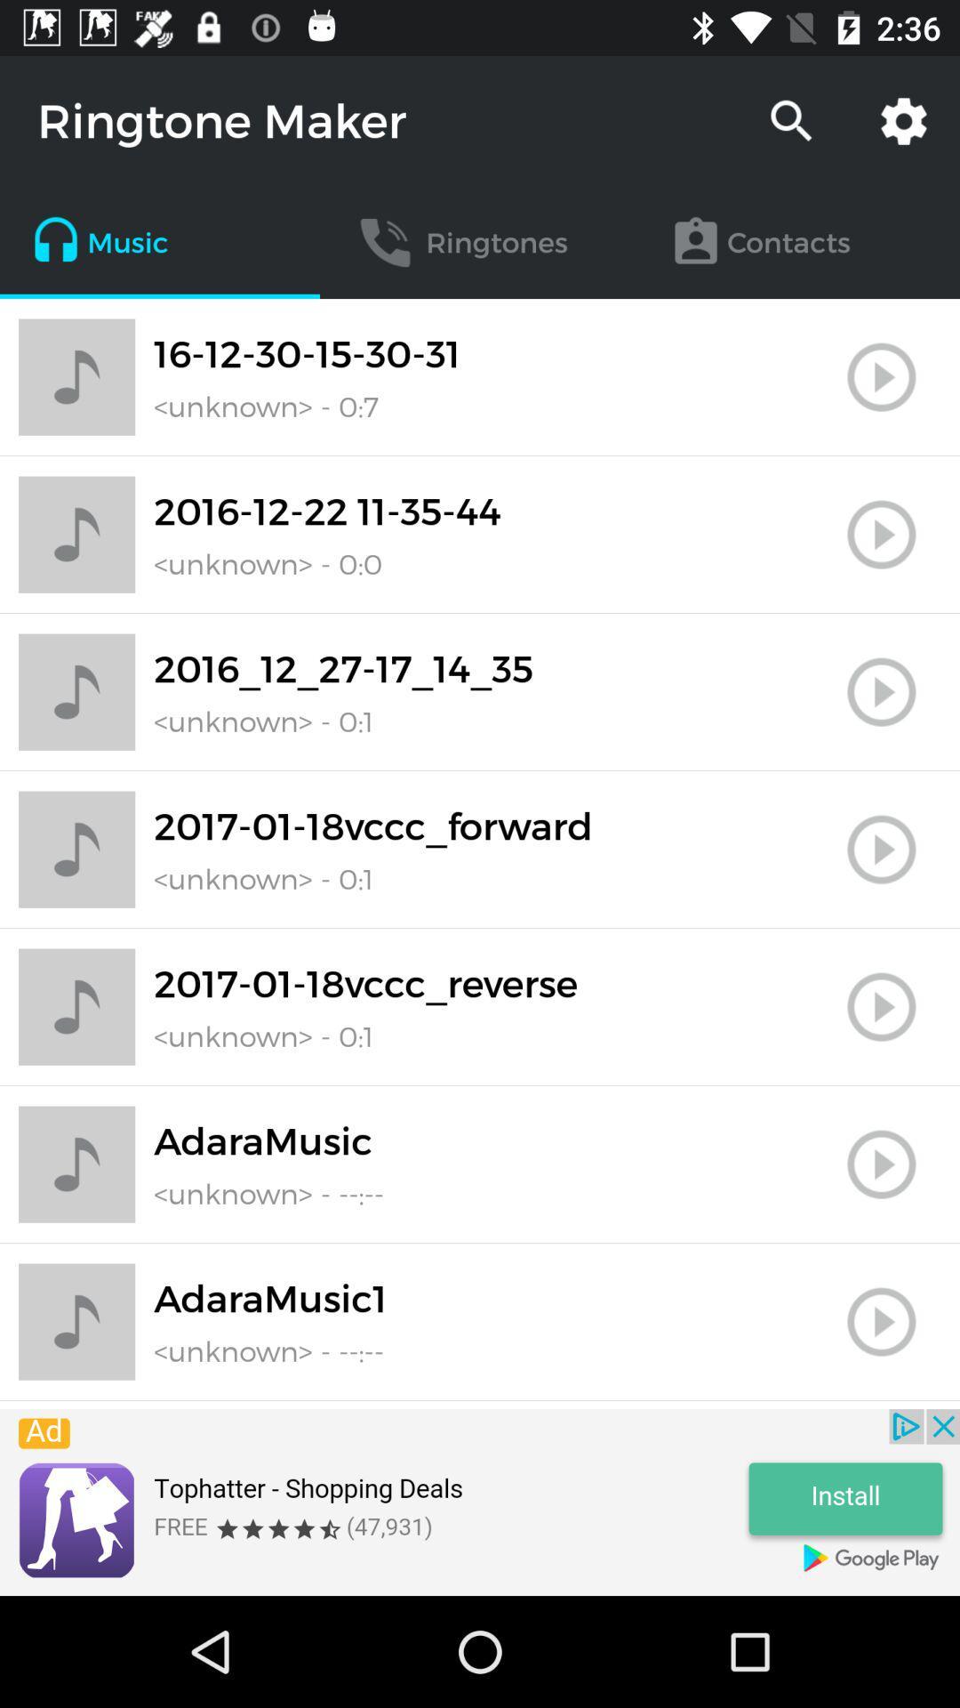 This screenshot has height=1708, width=960. I want to click on advert banner, so click(480, 1502).